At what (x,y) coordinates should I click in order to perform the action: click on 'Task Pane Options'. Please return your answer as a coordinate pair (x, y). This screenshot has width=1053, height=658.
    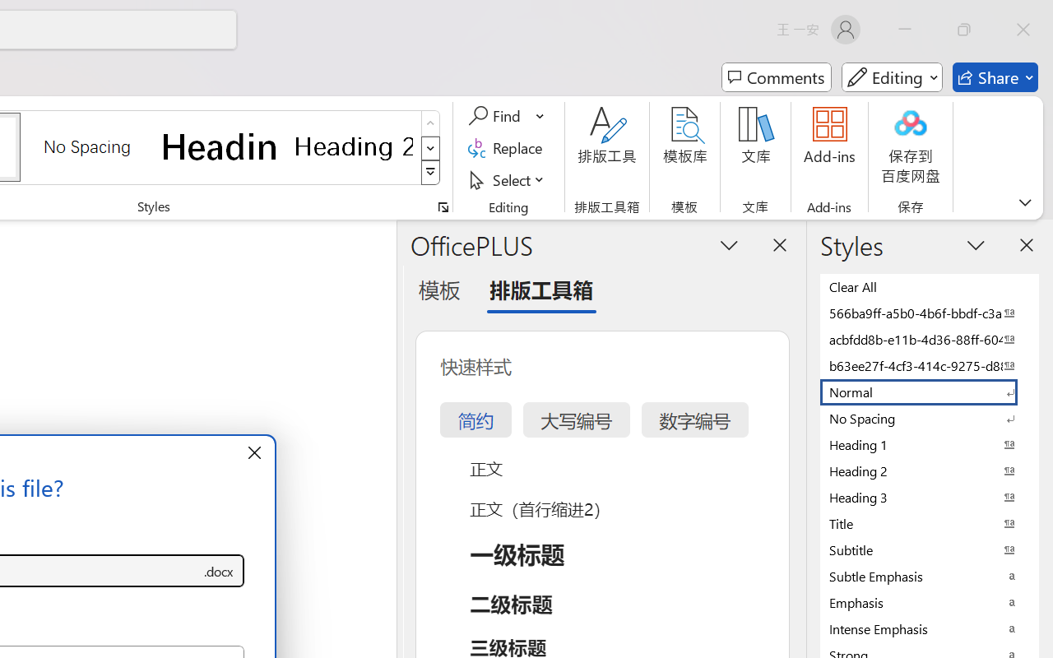
    Looking at the image, I should click on (729, 244).